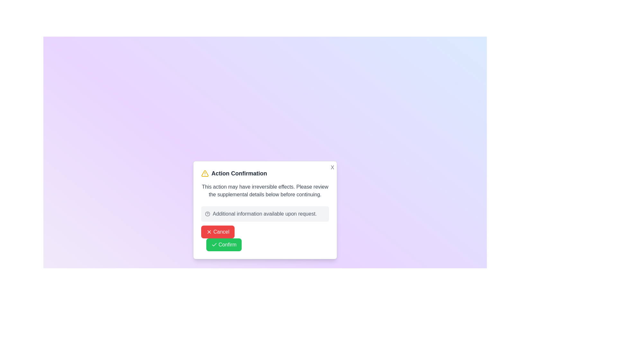  Describe the element at coordinates (214, 245) in the screenshot. I see `the confirmation SVG icon located within the 'Confirm' button at the bottom-right of the modal dialog` at that location.